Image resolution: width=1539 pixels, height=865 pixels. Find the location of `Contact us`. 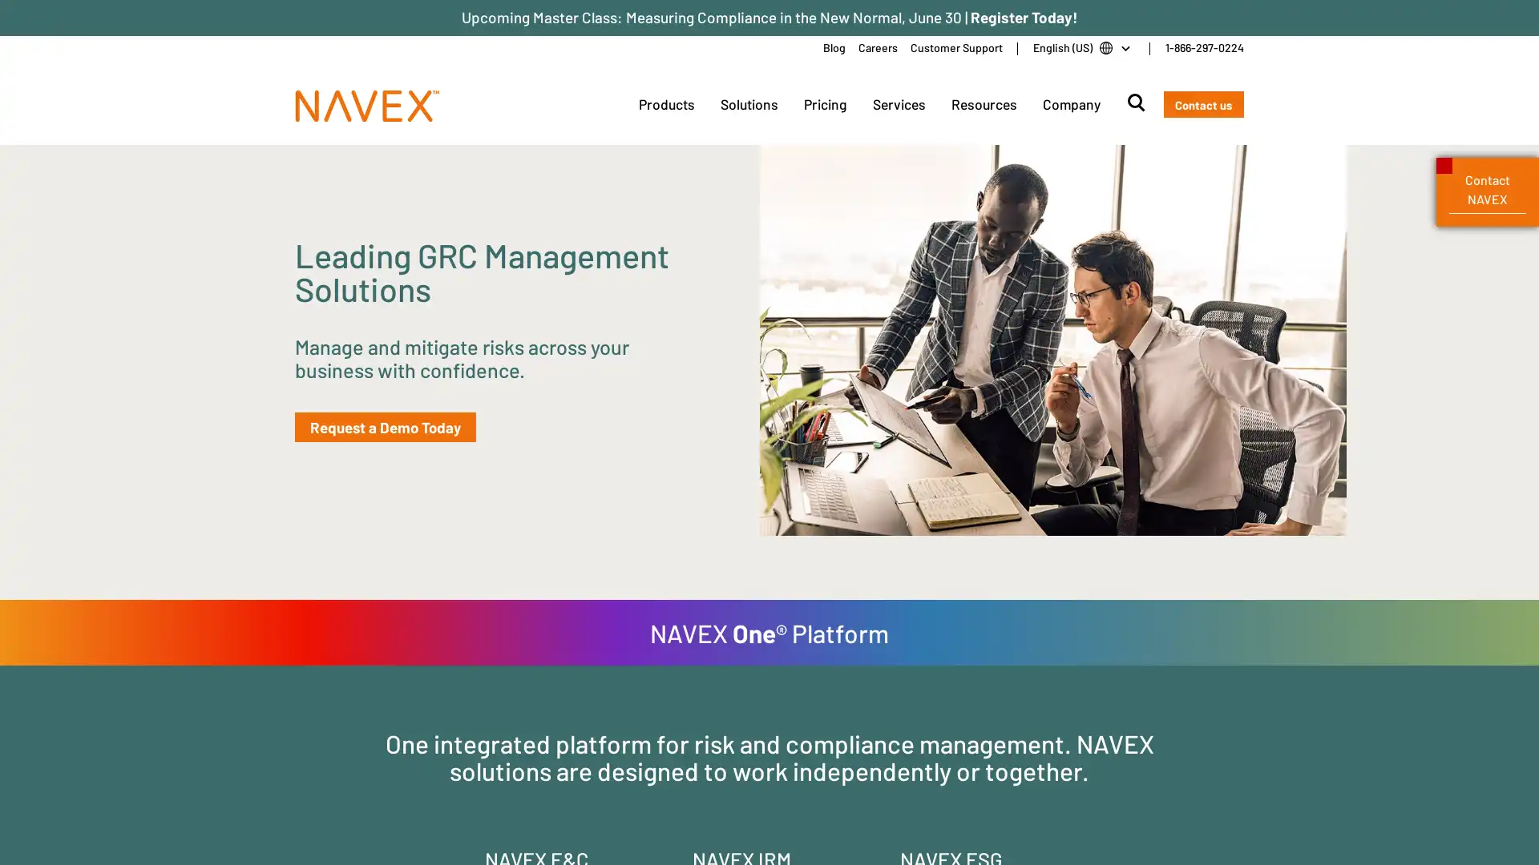

Contact us is located at coordinates (1203, 104).